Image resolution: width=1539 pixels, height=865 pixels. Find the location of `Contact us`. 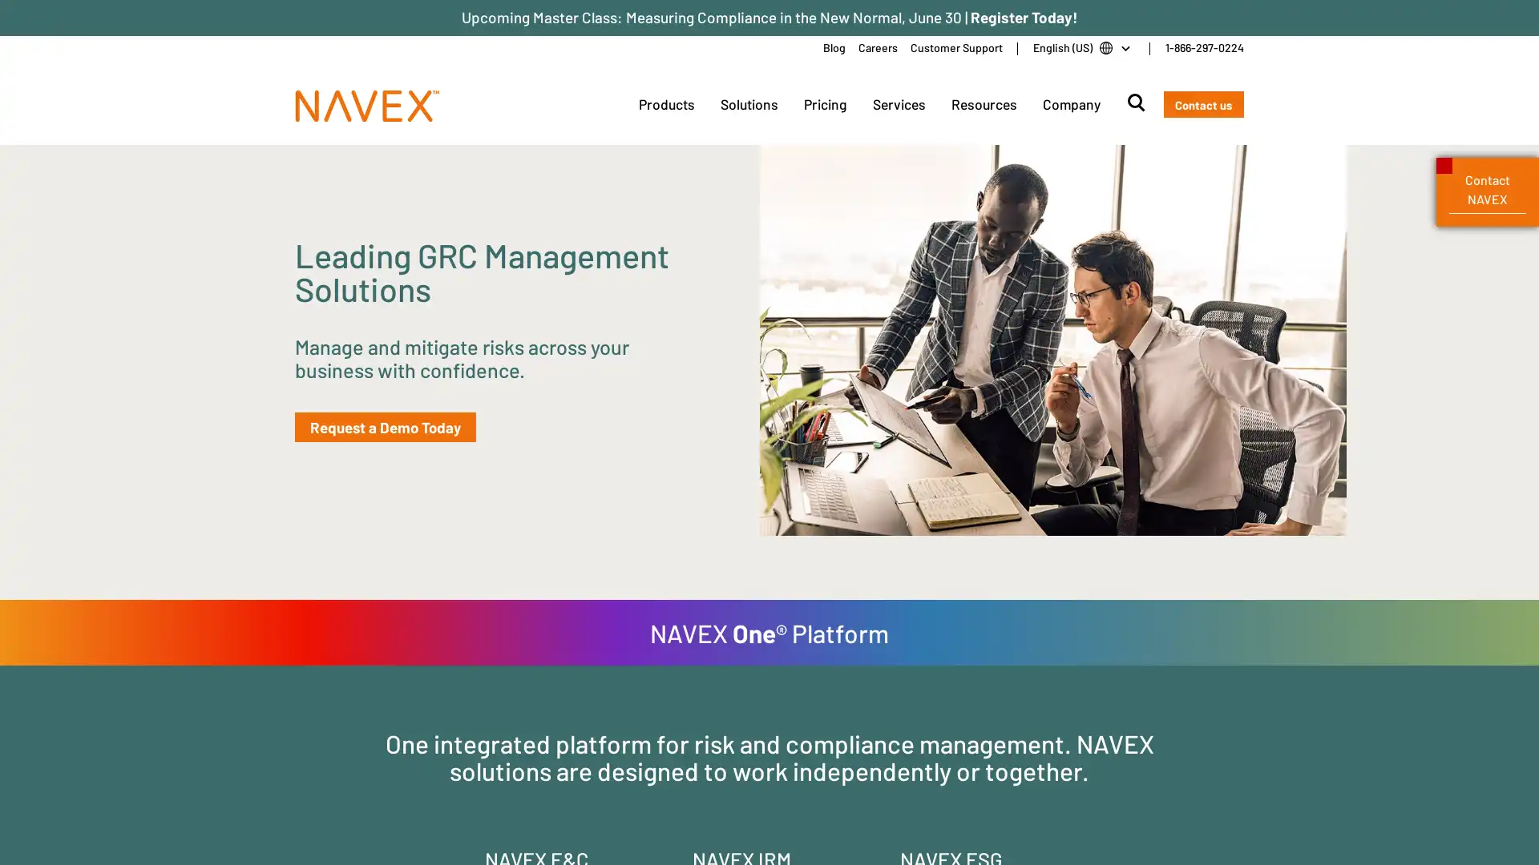

Contact us is located at coordinates (1203, 104).